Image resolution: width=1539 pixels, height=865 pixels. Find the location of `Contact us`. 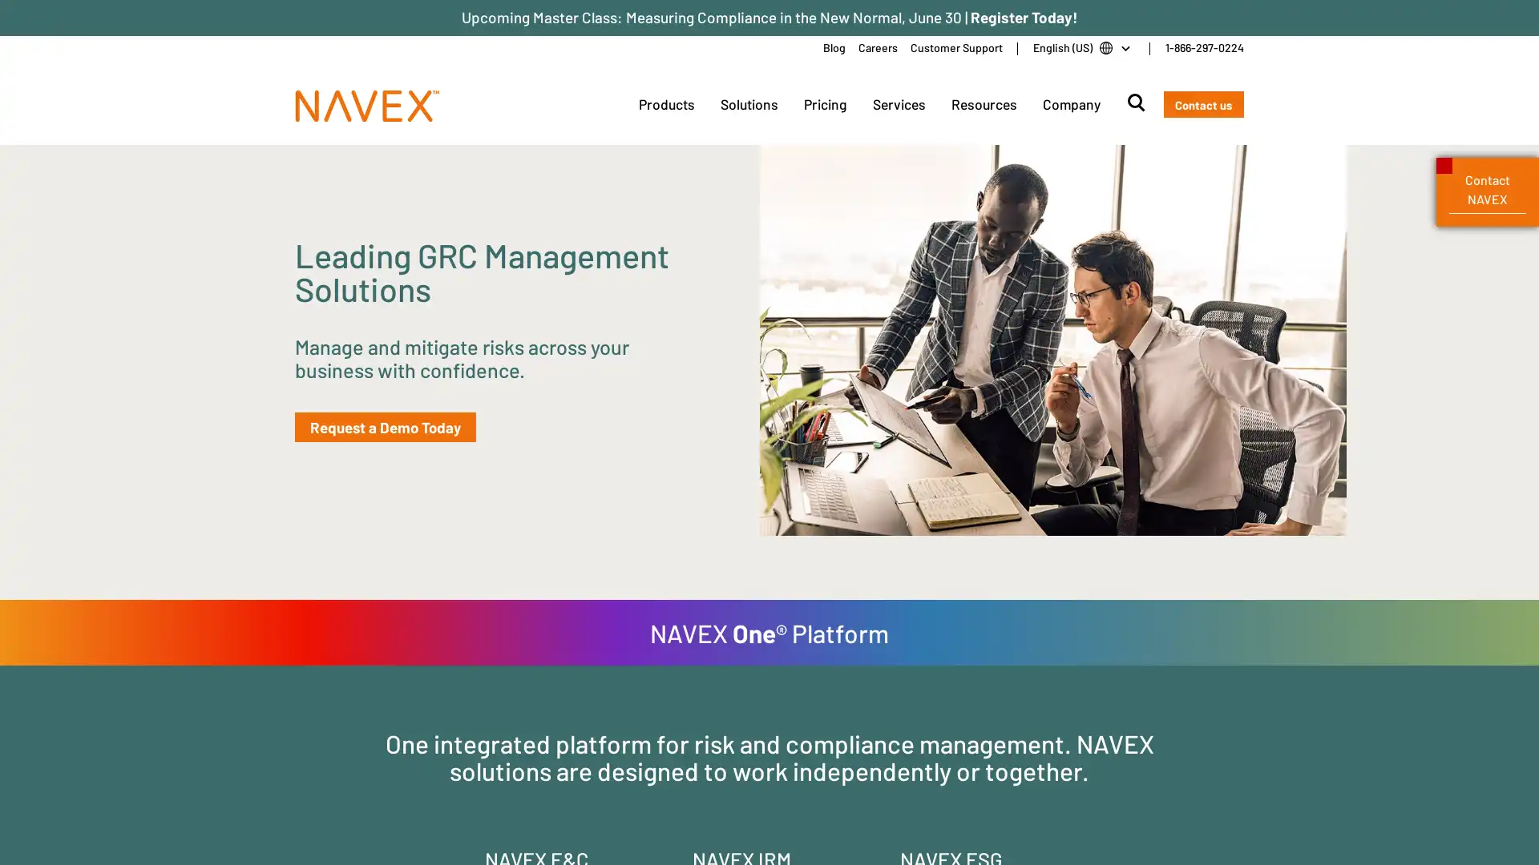

Contact us is located at coordinates (1203, 104).